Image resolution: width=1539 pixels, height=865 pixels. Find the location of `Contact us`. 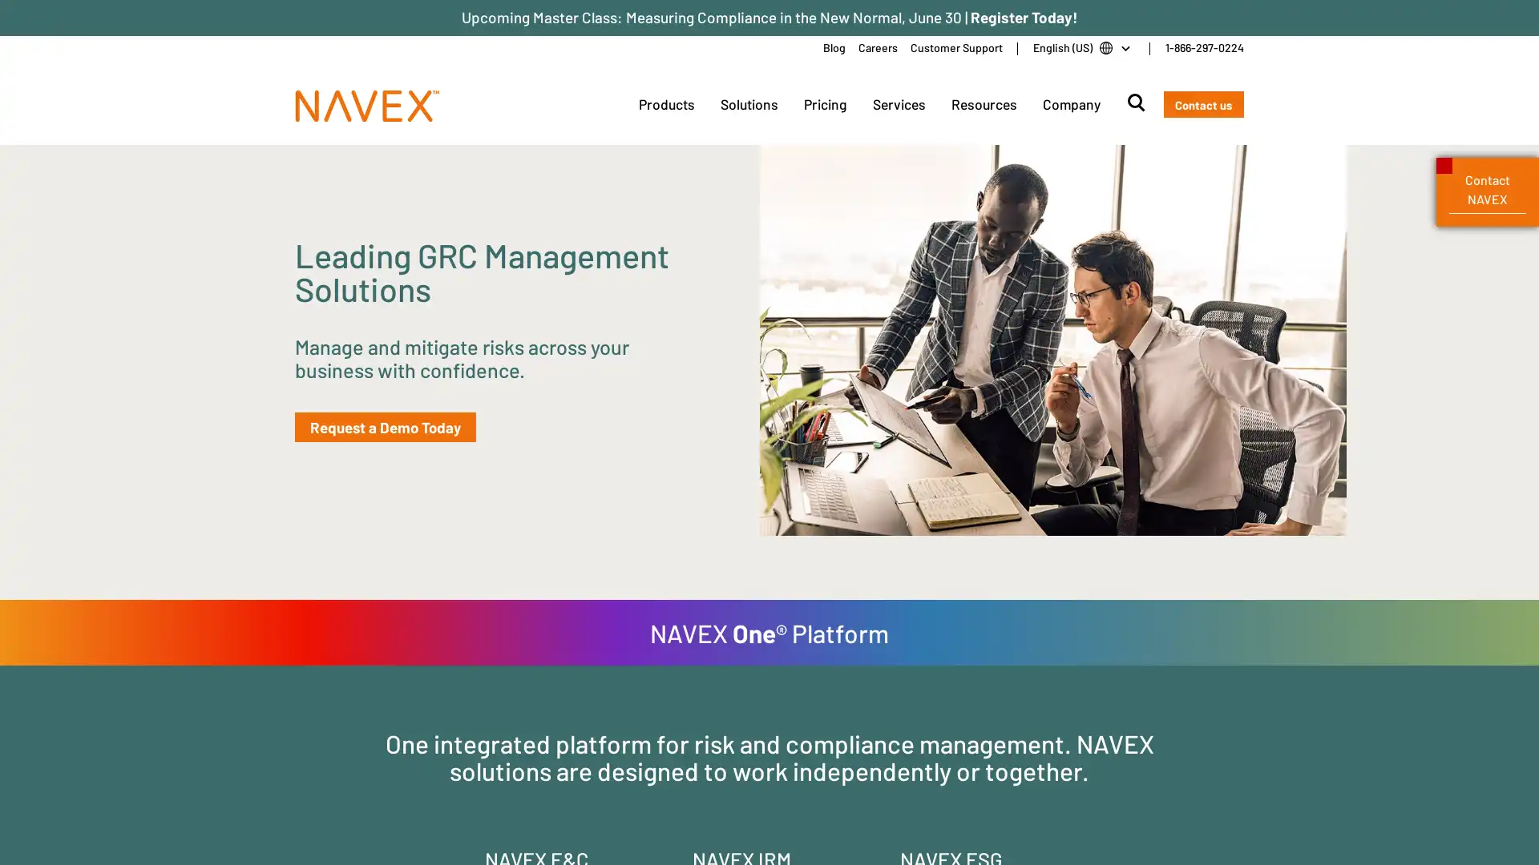

Contact us is located at coordinates (1203, 104).